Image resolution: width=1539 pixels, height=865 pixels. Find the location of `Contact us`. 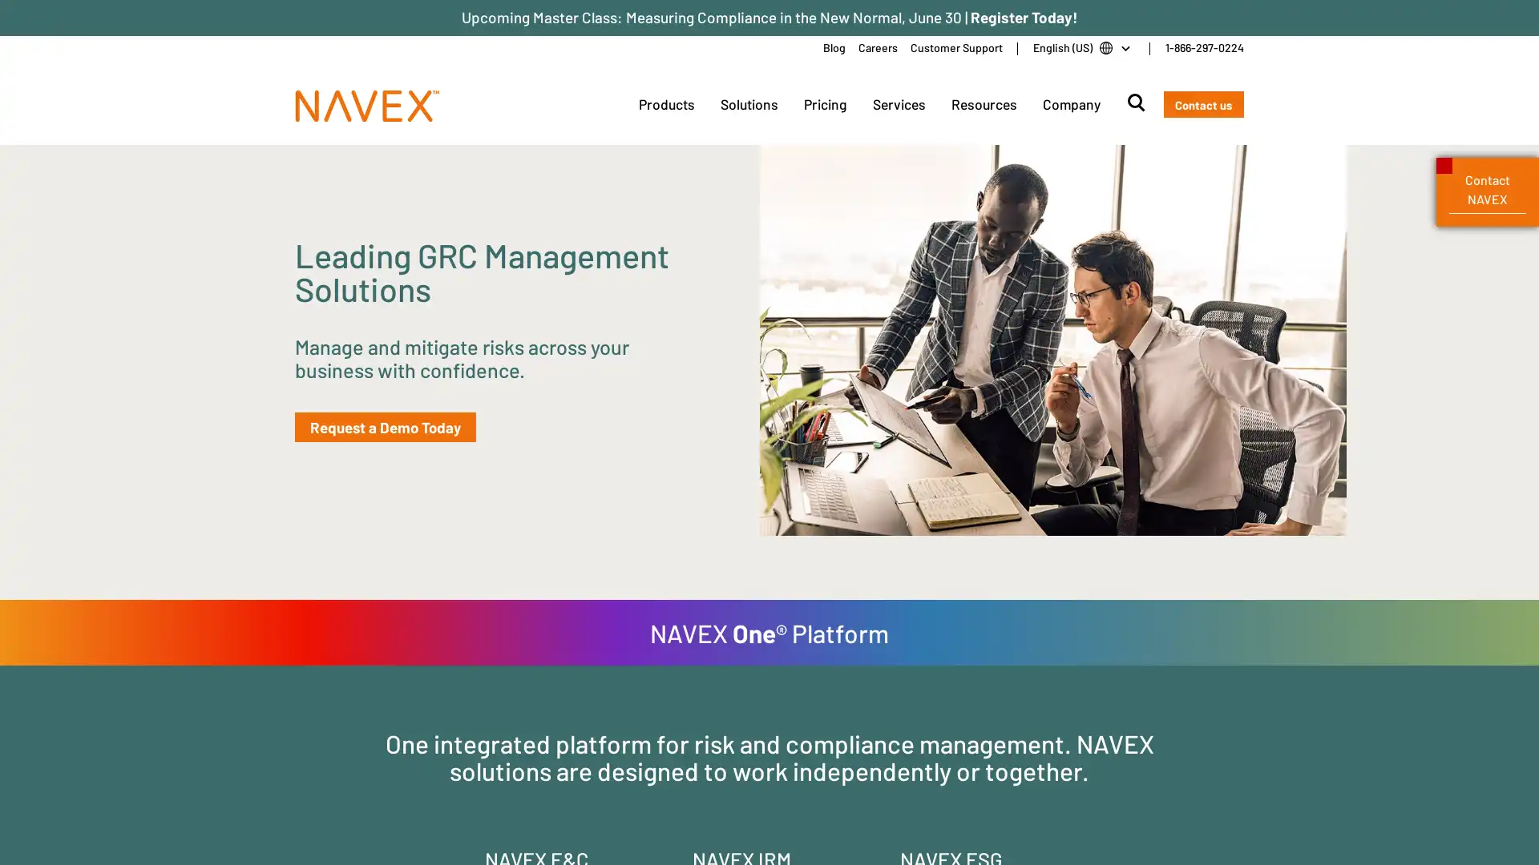

Contact us is located at coordinates (1203, 104).